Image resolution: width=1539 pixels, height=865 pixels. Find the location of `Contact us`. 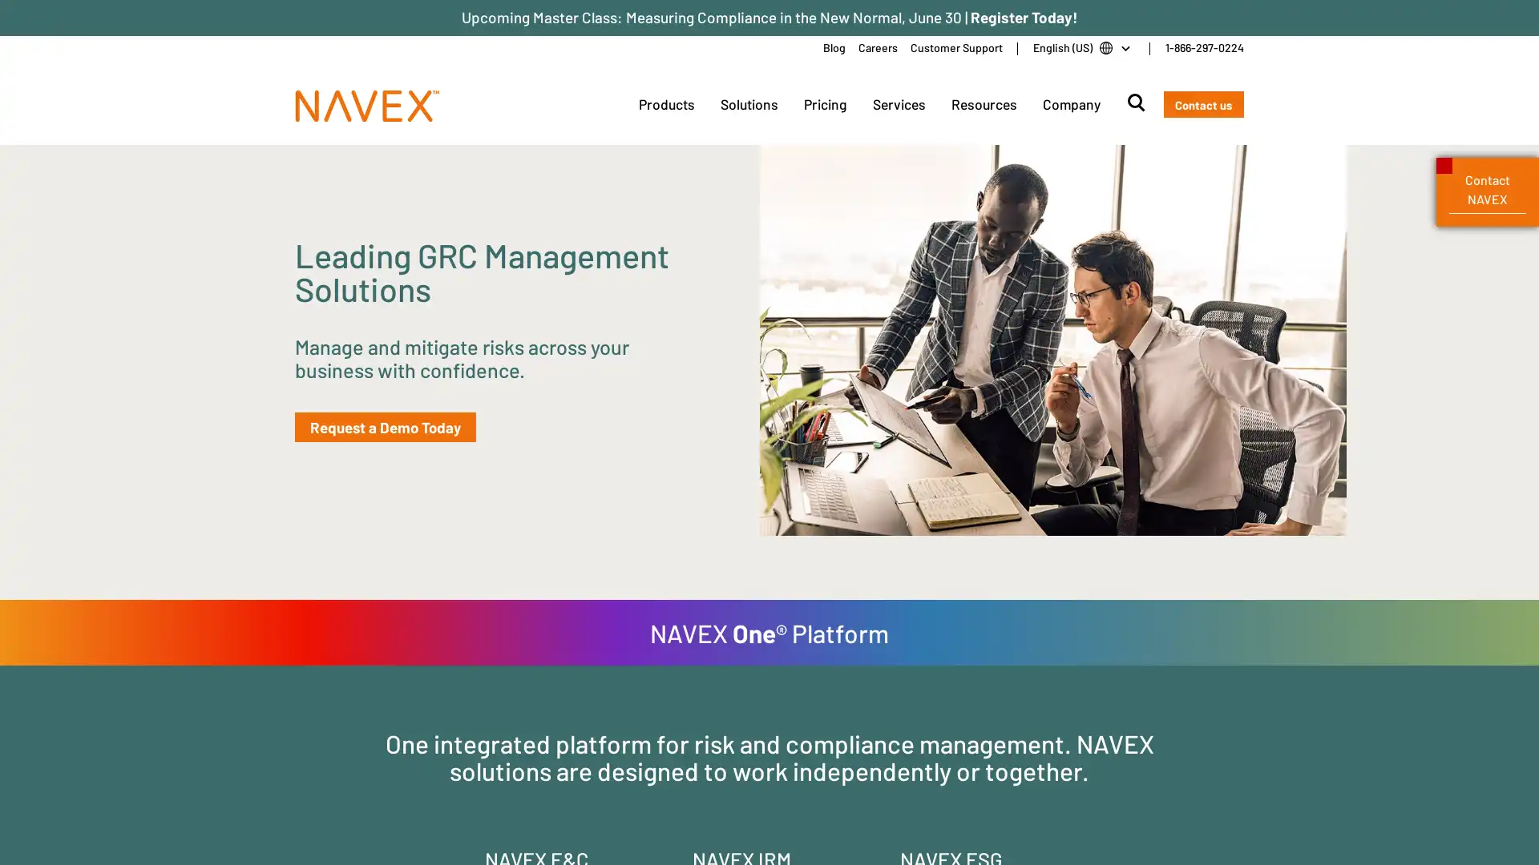

Contact us is located at coordinates (1203, 104).